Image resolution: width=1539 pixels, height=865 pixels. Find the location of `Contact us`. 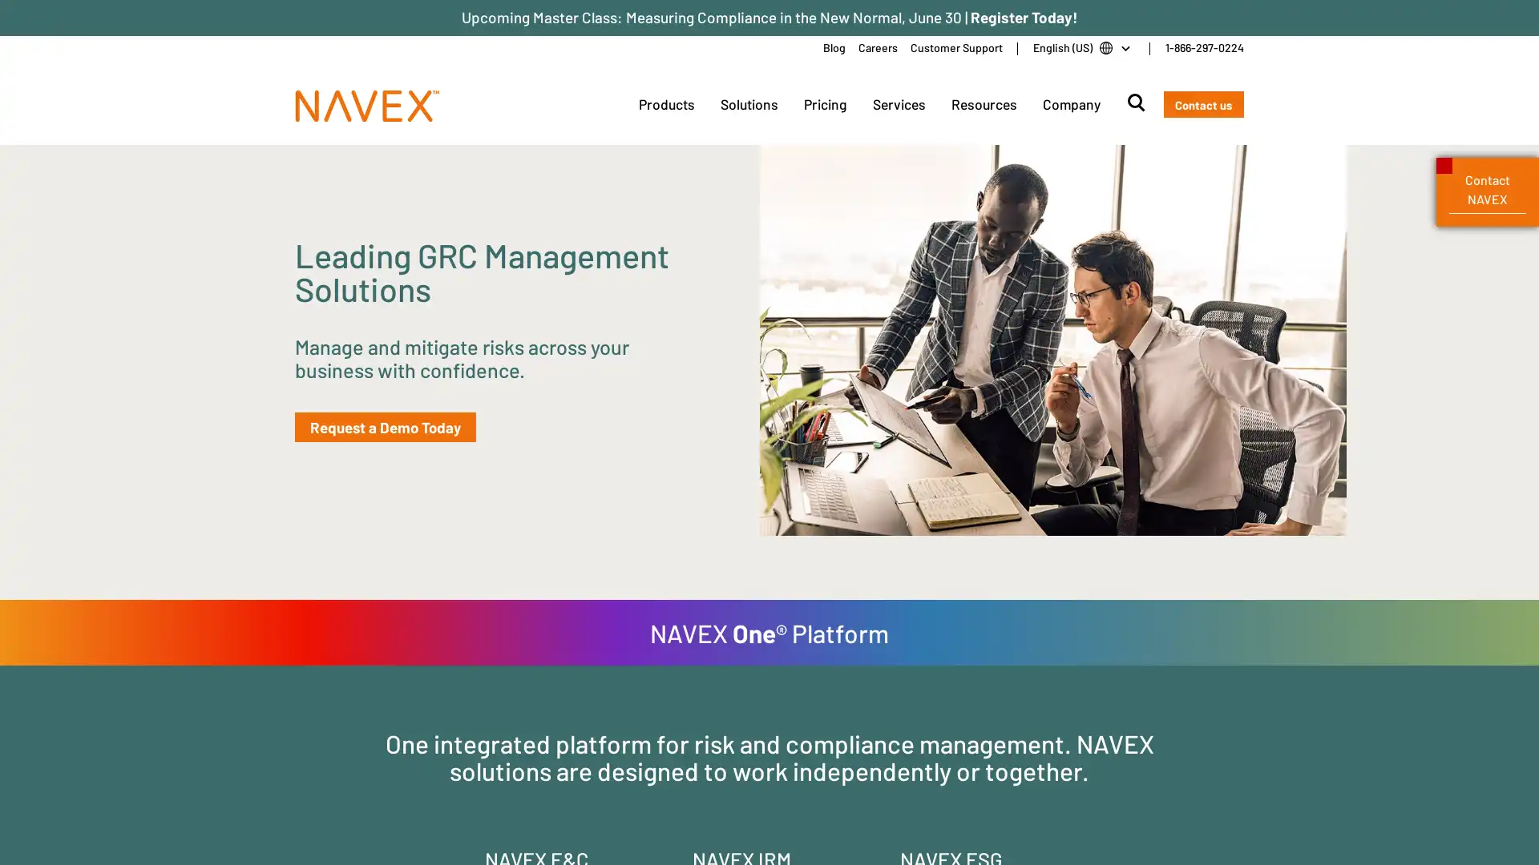

Contact us is located at coordinates (1203, 104).